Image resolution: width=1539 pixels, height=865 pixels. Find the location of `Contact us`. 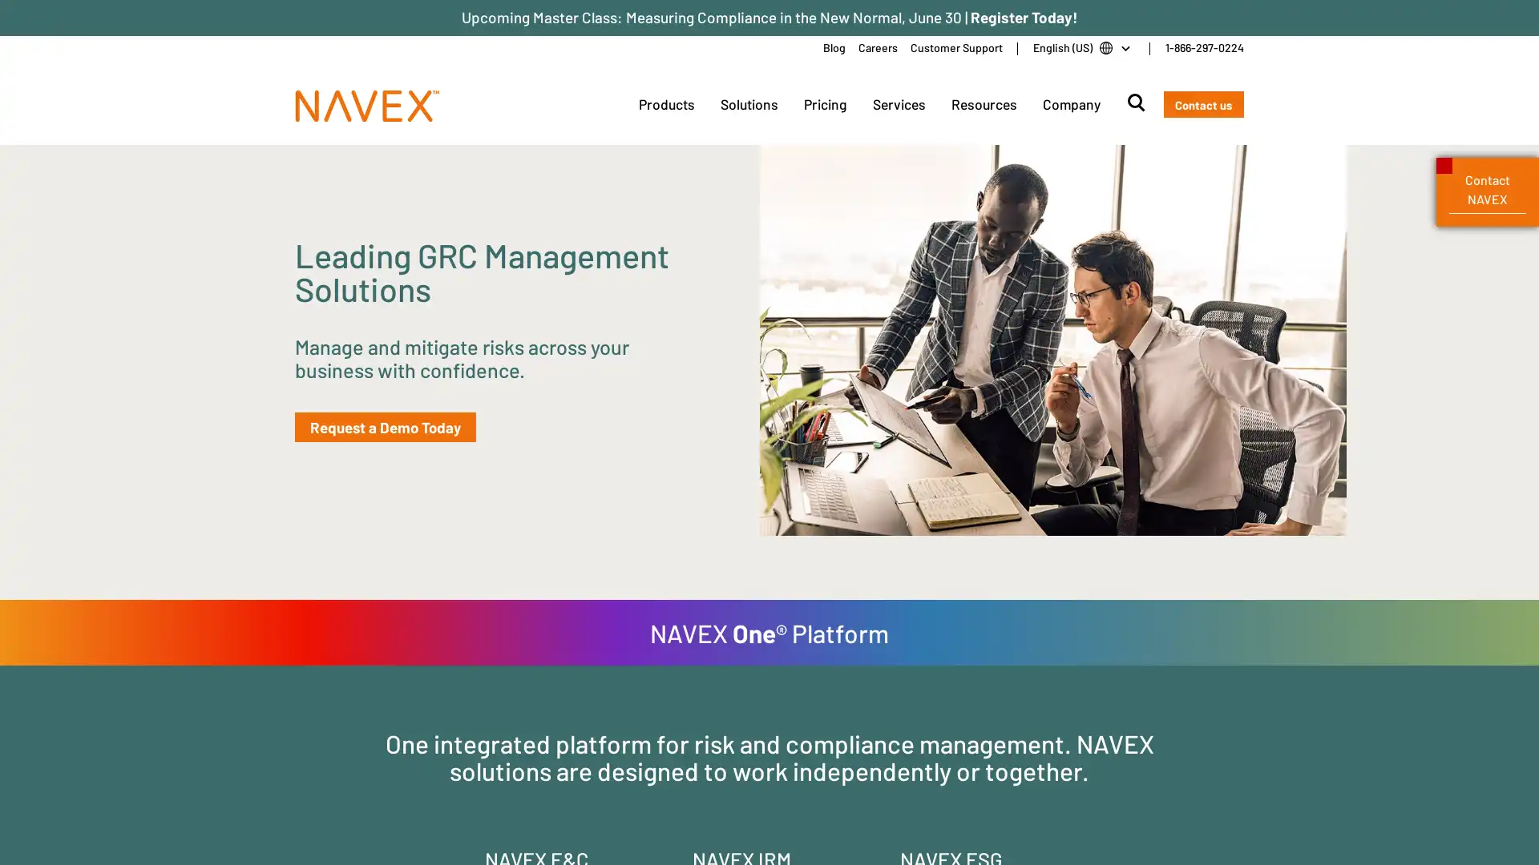

Contact us is located at coordinates (1203, 104).